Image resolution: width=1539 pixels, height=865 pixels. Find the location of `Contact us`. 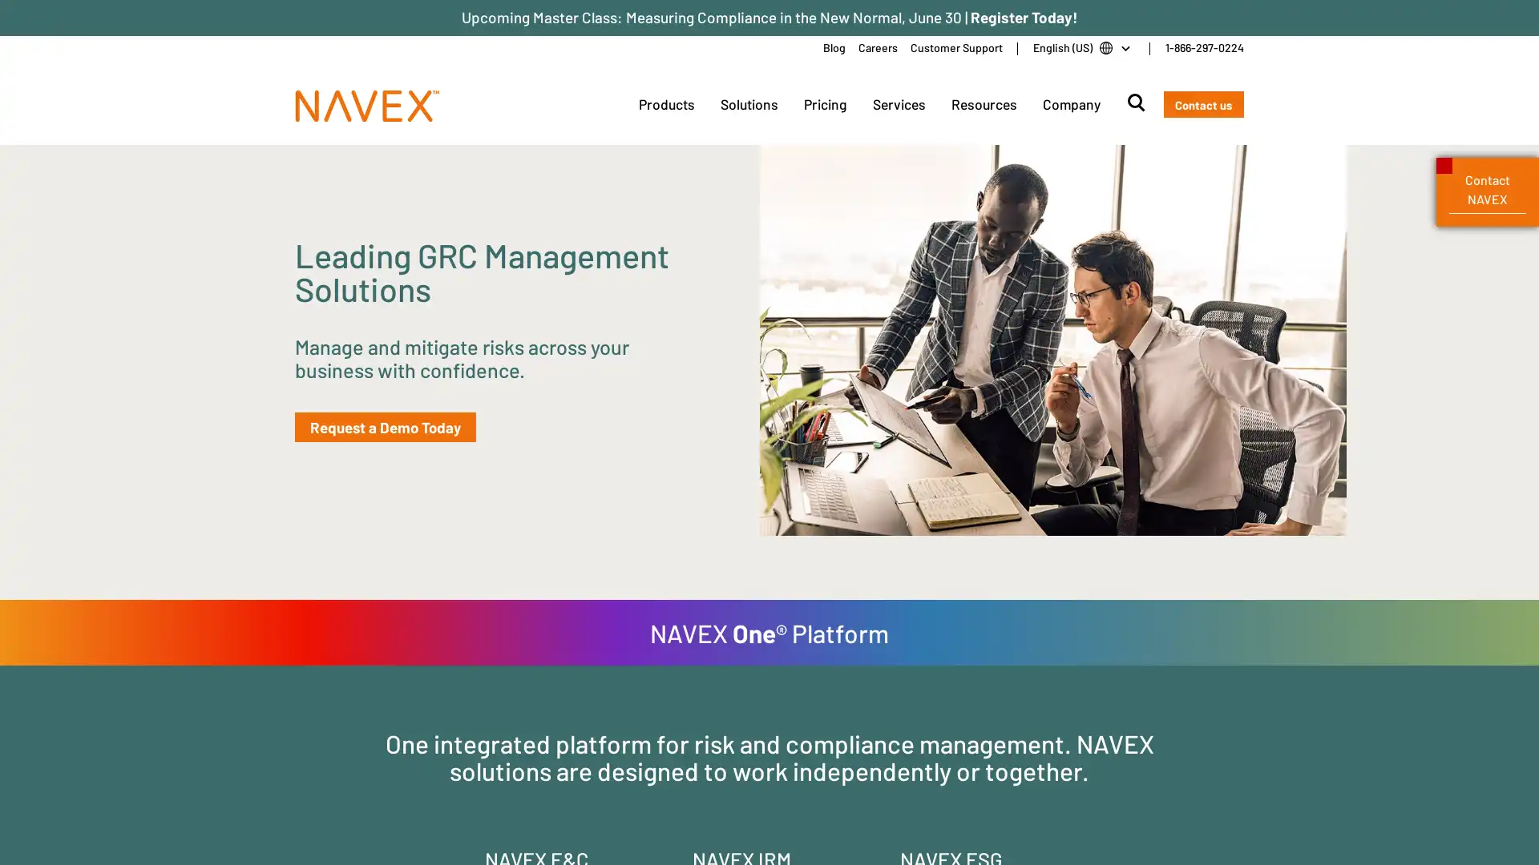

Contact us is located at coordinates (1203, 104).